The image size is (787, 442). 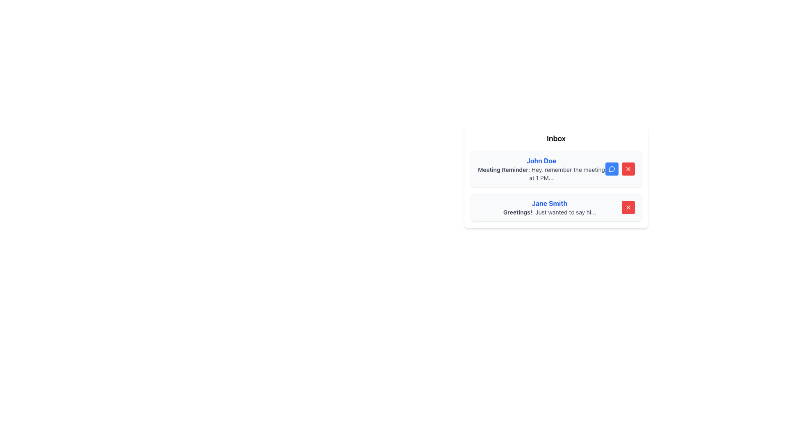 What do you see at coordinates (556, 168) in the screenshot?
I see `text content displayed in the Message Notification Card that shows the sender's name and a brief preview of the message, which is the first item in a vertical list within a white card` at bounding box center [556, 168].